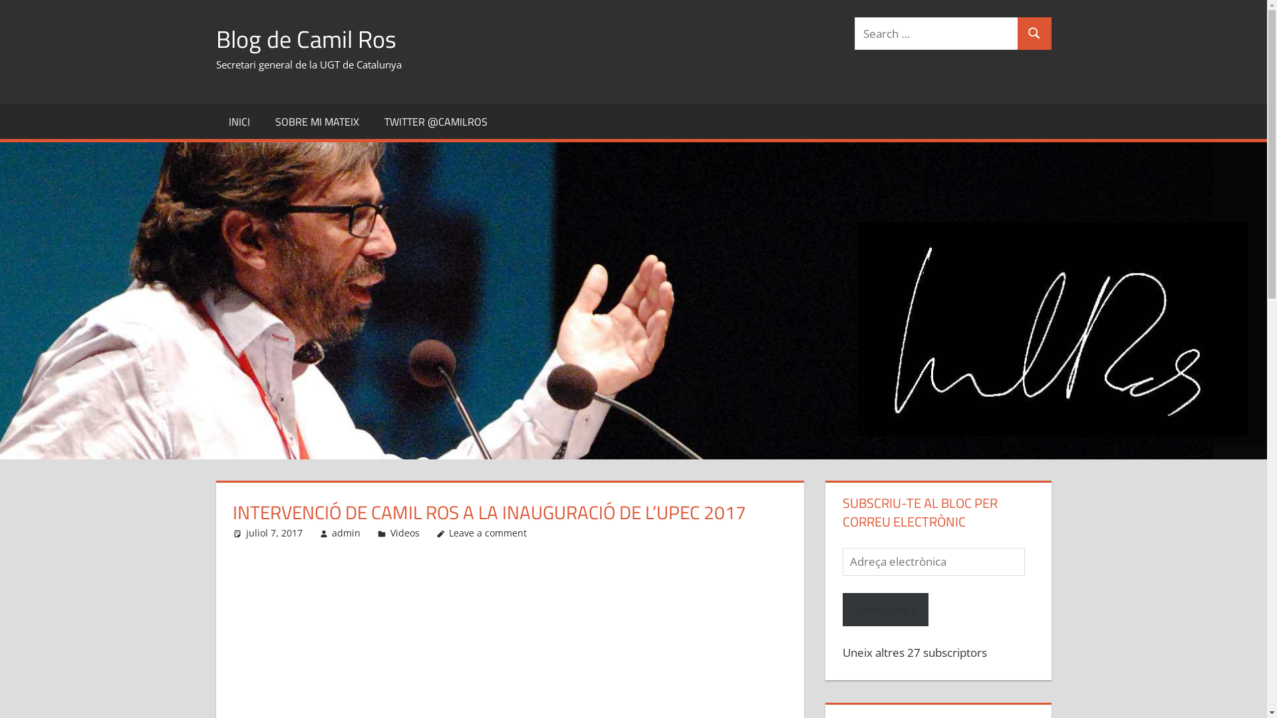  I want to click on 'Subscriure's', so click(842, 610).